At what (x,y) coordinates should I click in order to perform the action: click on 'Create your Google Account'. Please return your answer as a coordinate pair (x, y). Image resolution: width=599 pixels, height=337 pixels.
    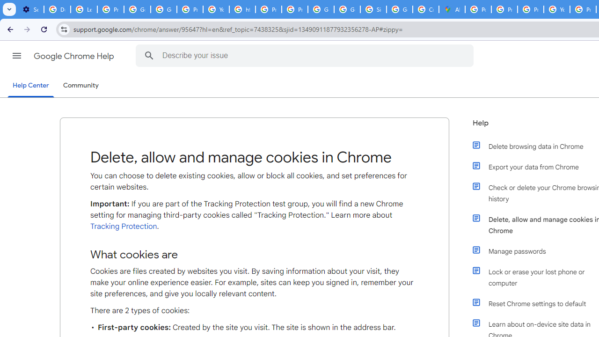
    Looking at the image, I should click on (425, 9).